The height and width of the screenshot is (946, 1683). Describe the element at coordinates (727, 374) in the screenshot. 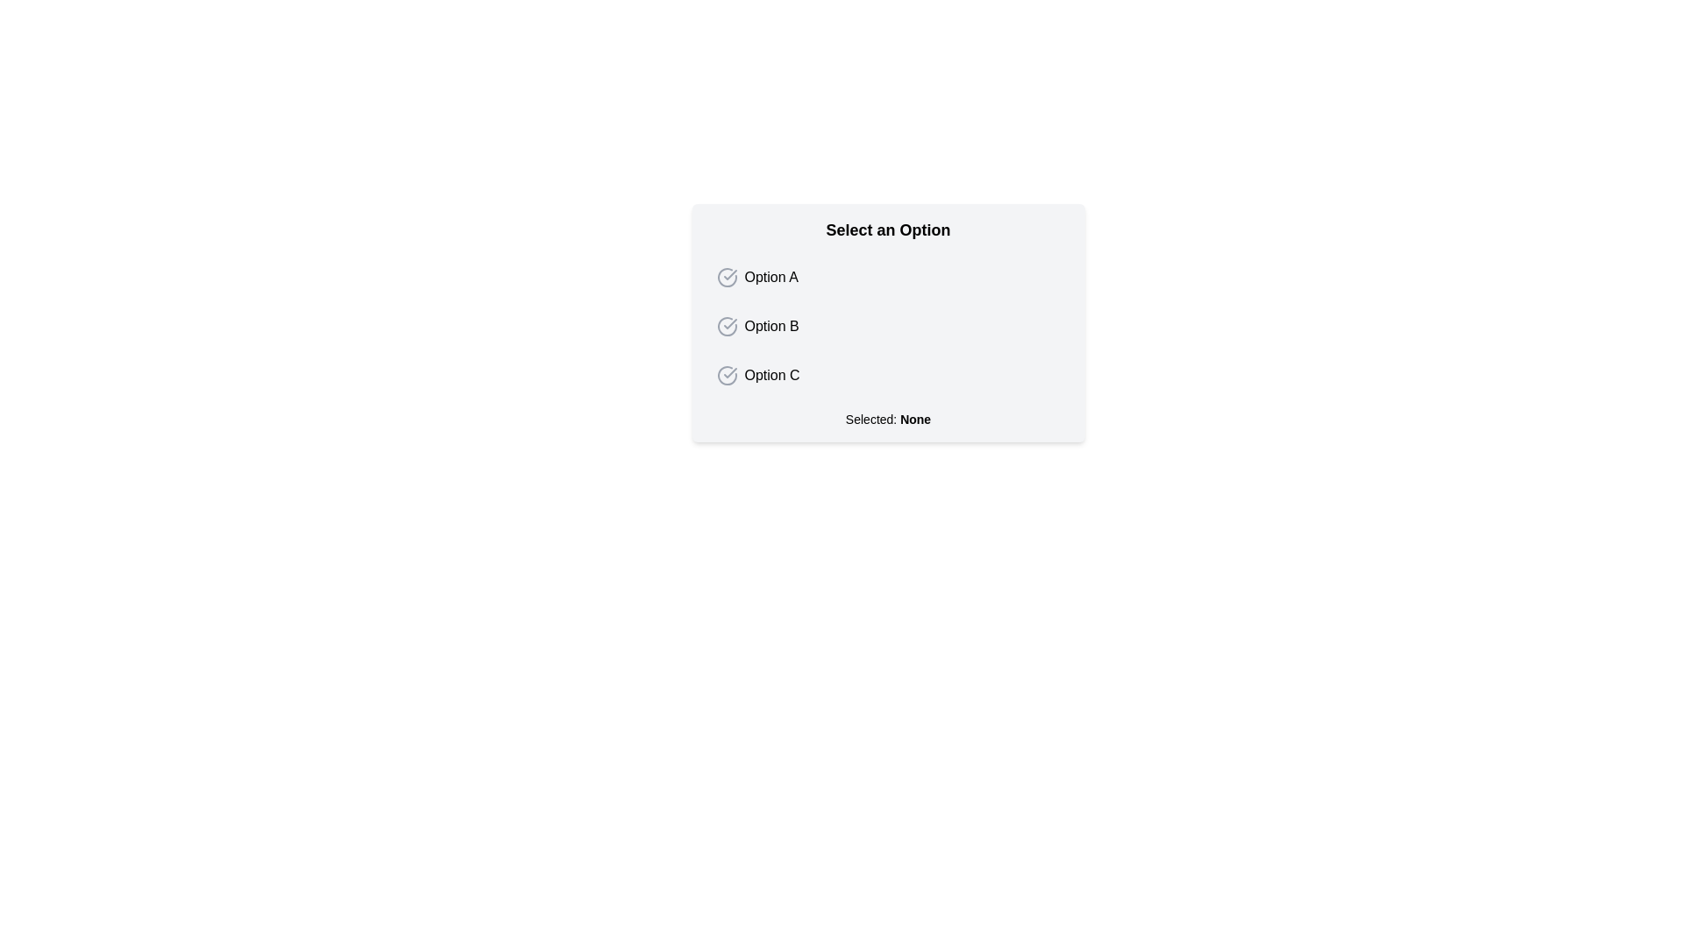

I see `the circular radio button indicator with a checkmark inside, which is located to the left of the text label 'Option C'` at that location.